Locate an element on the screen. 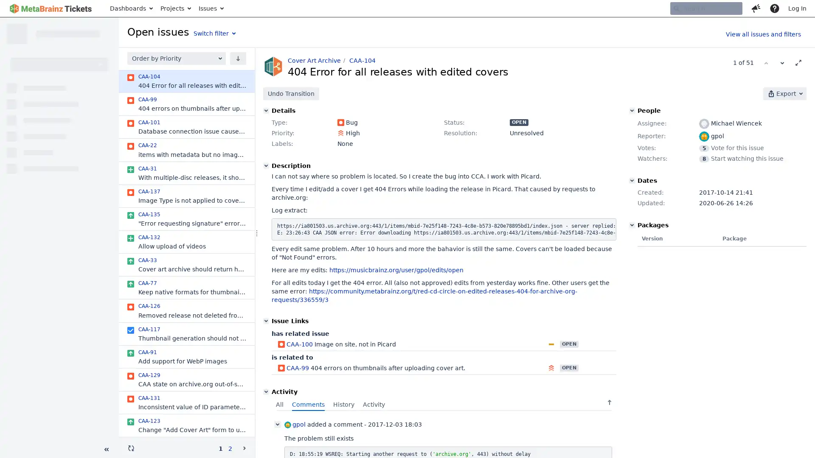  Collapse comment is located at coordinates (277, 424).